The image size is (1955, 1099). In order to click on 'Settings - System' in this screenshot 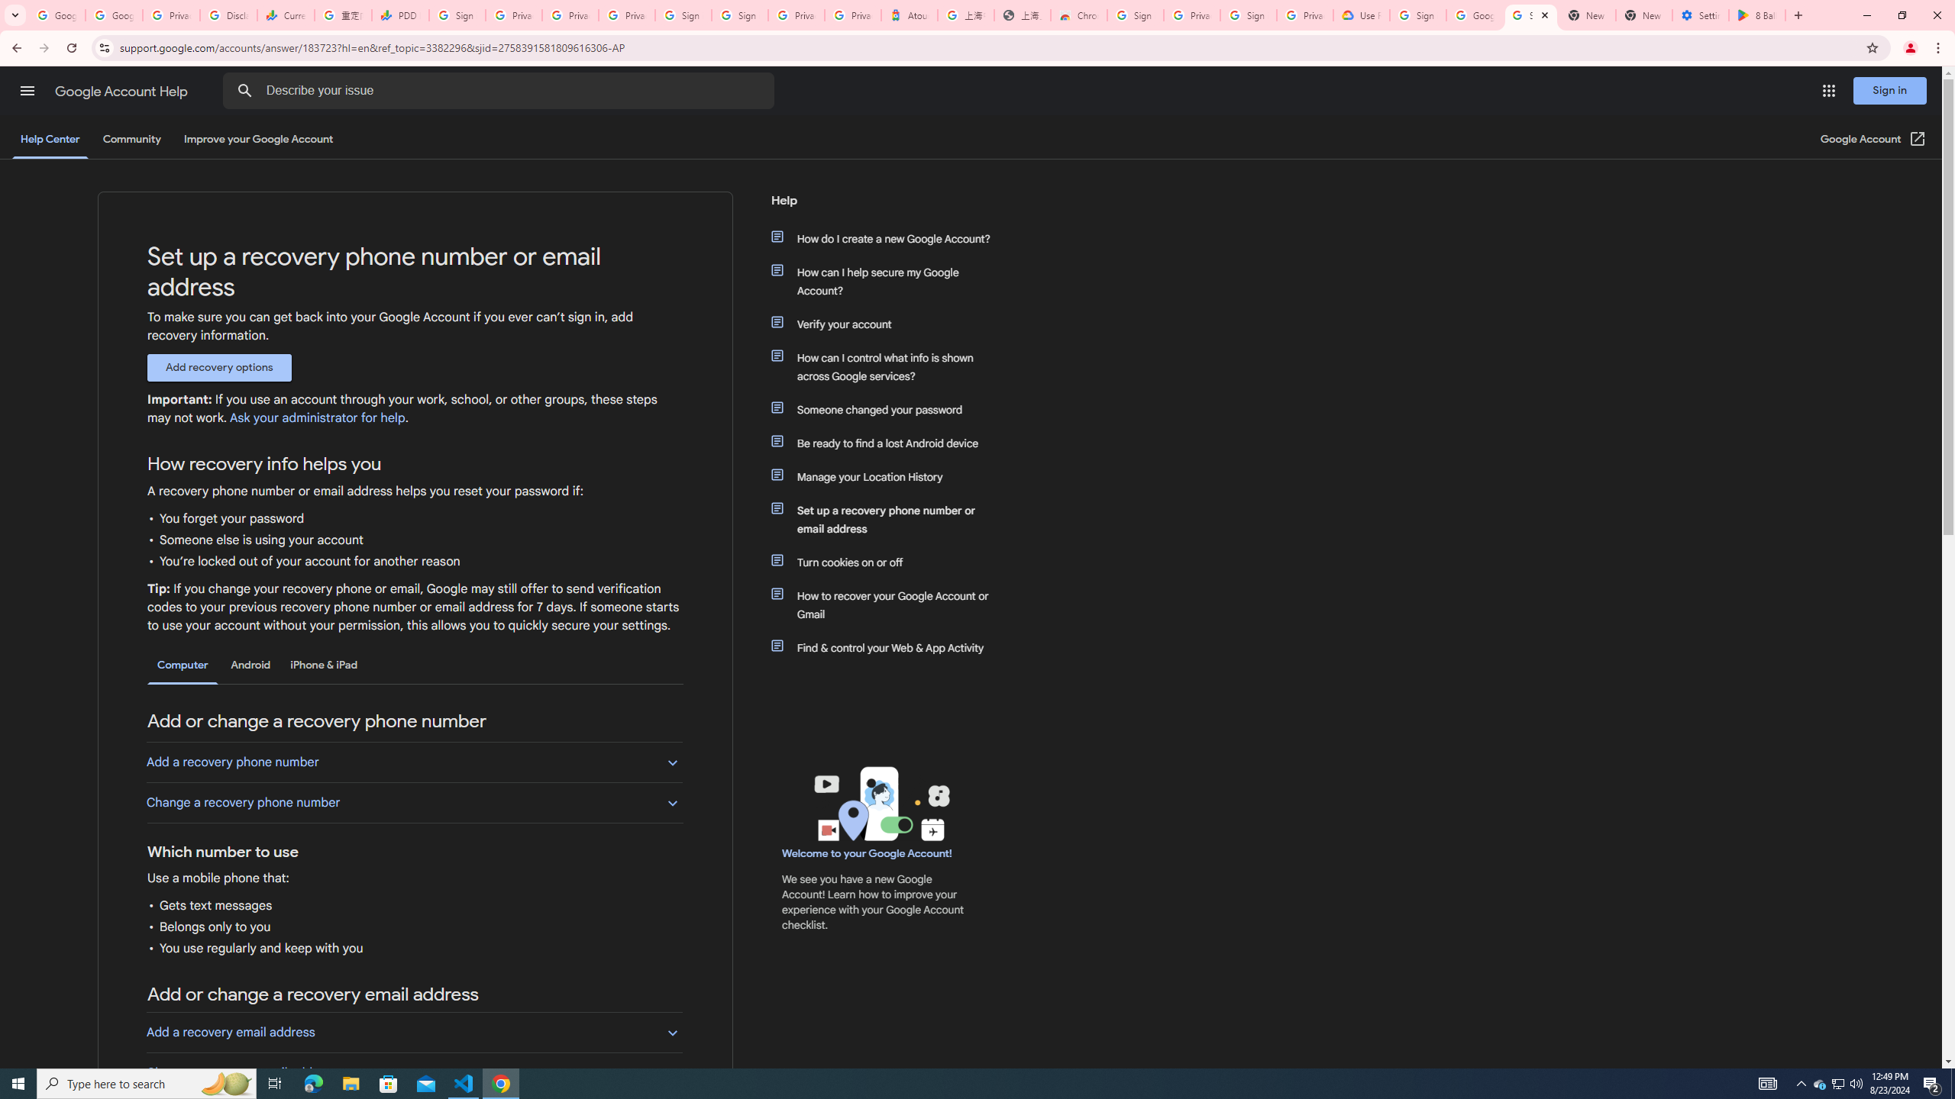, I will do `click(1700, 15)`.